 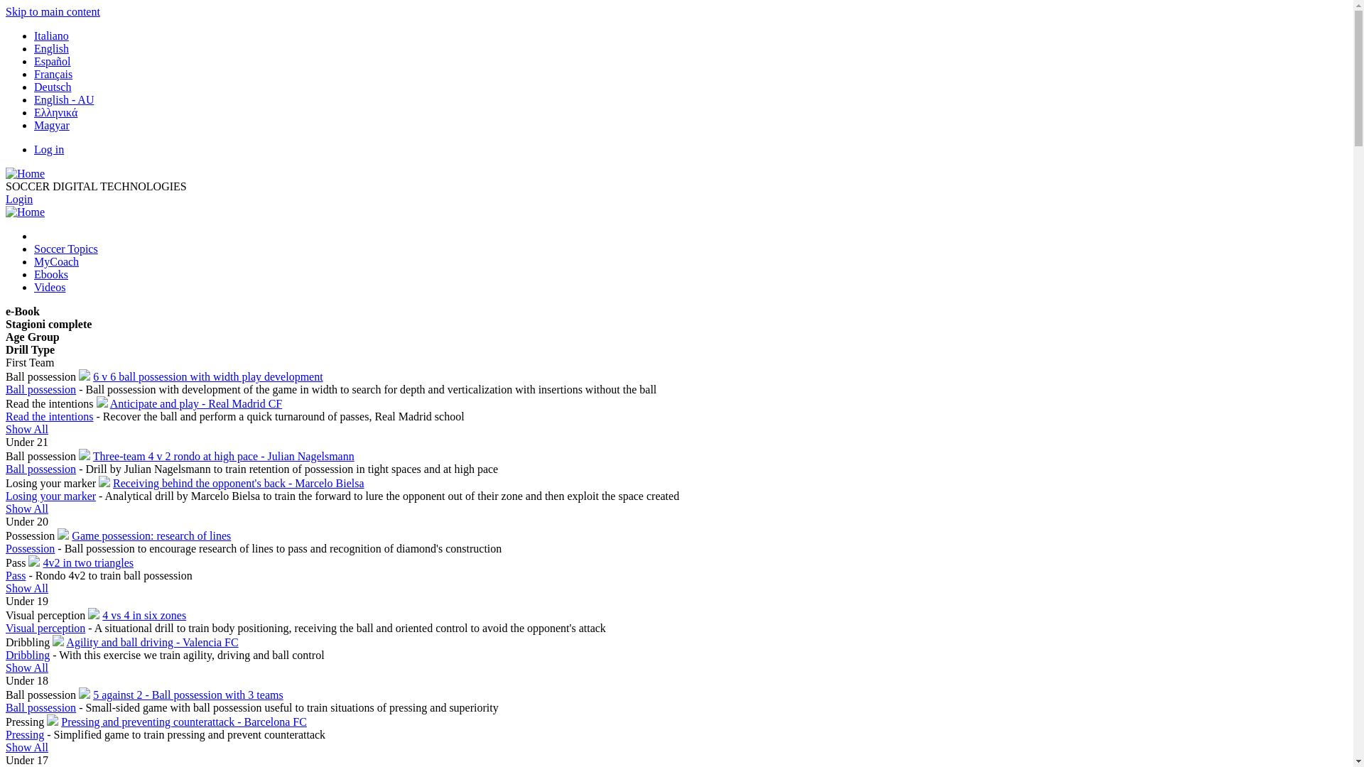 What do you see at coordinates (6, 11) in the screenshot?
I see `'Skip to main content'` at bounding box center [6, 11].